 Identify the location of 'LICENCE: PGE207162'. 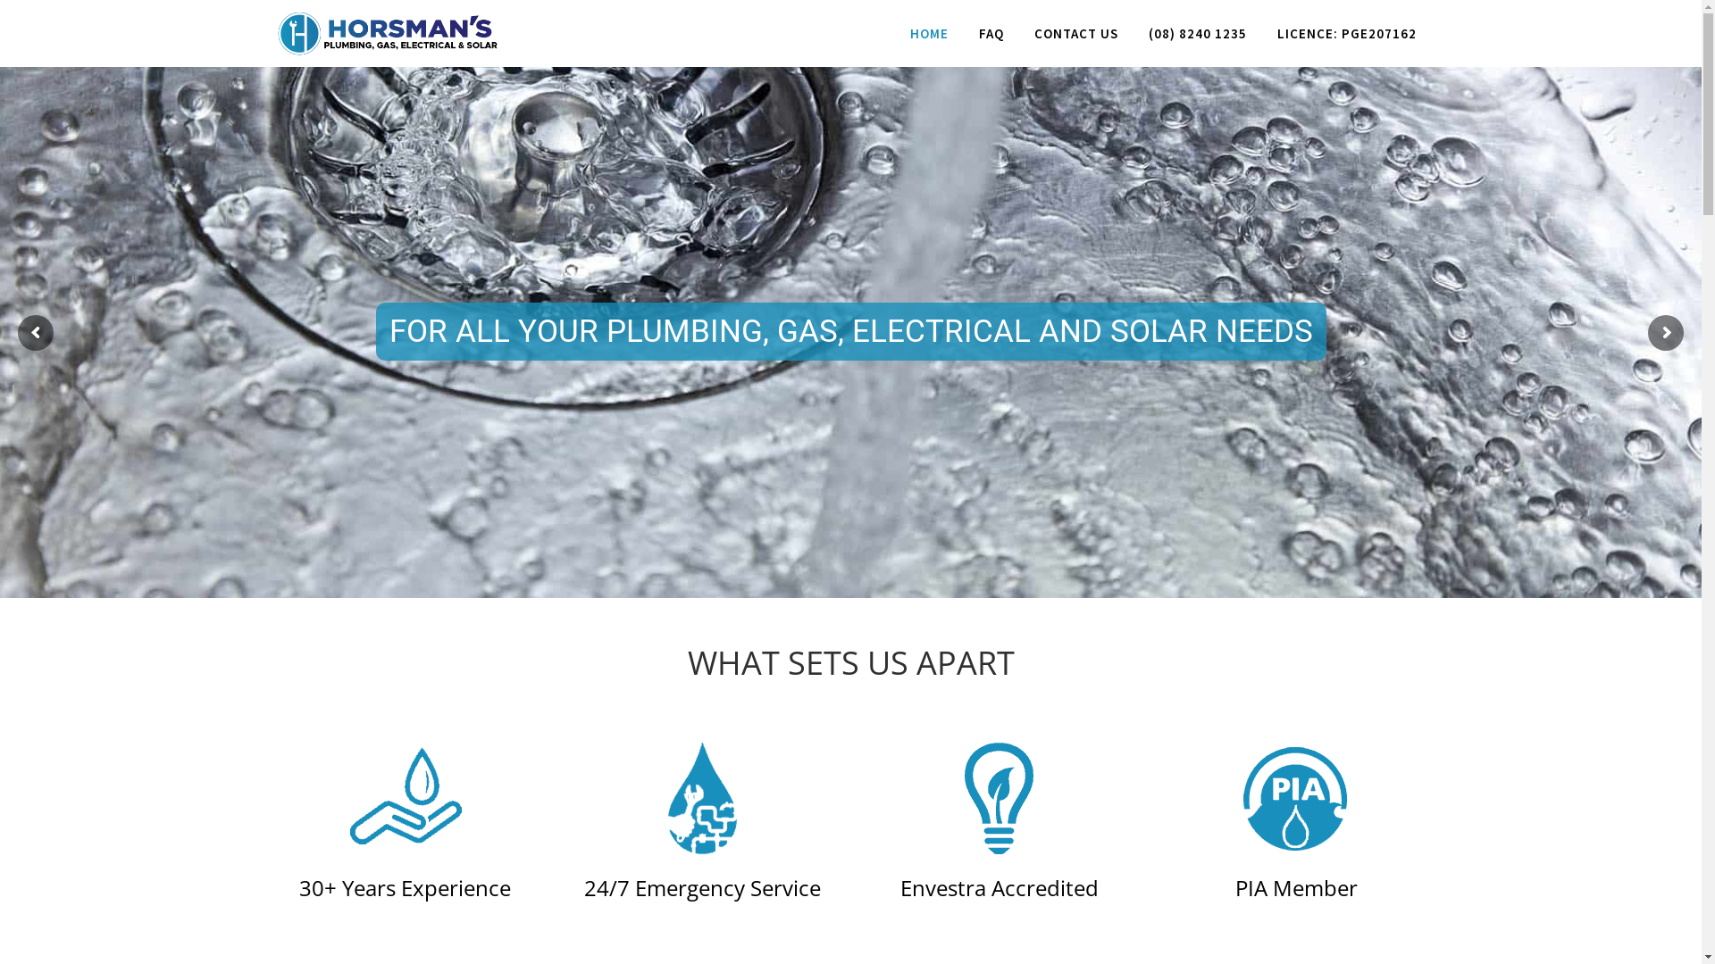
(1346, 33).